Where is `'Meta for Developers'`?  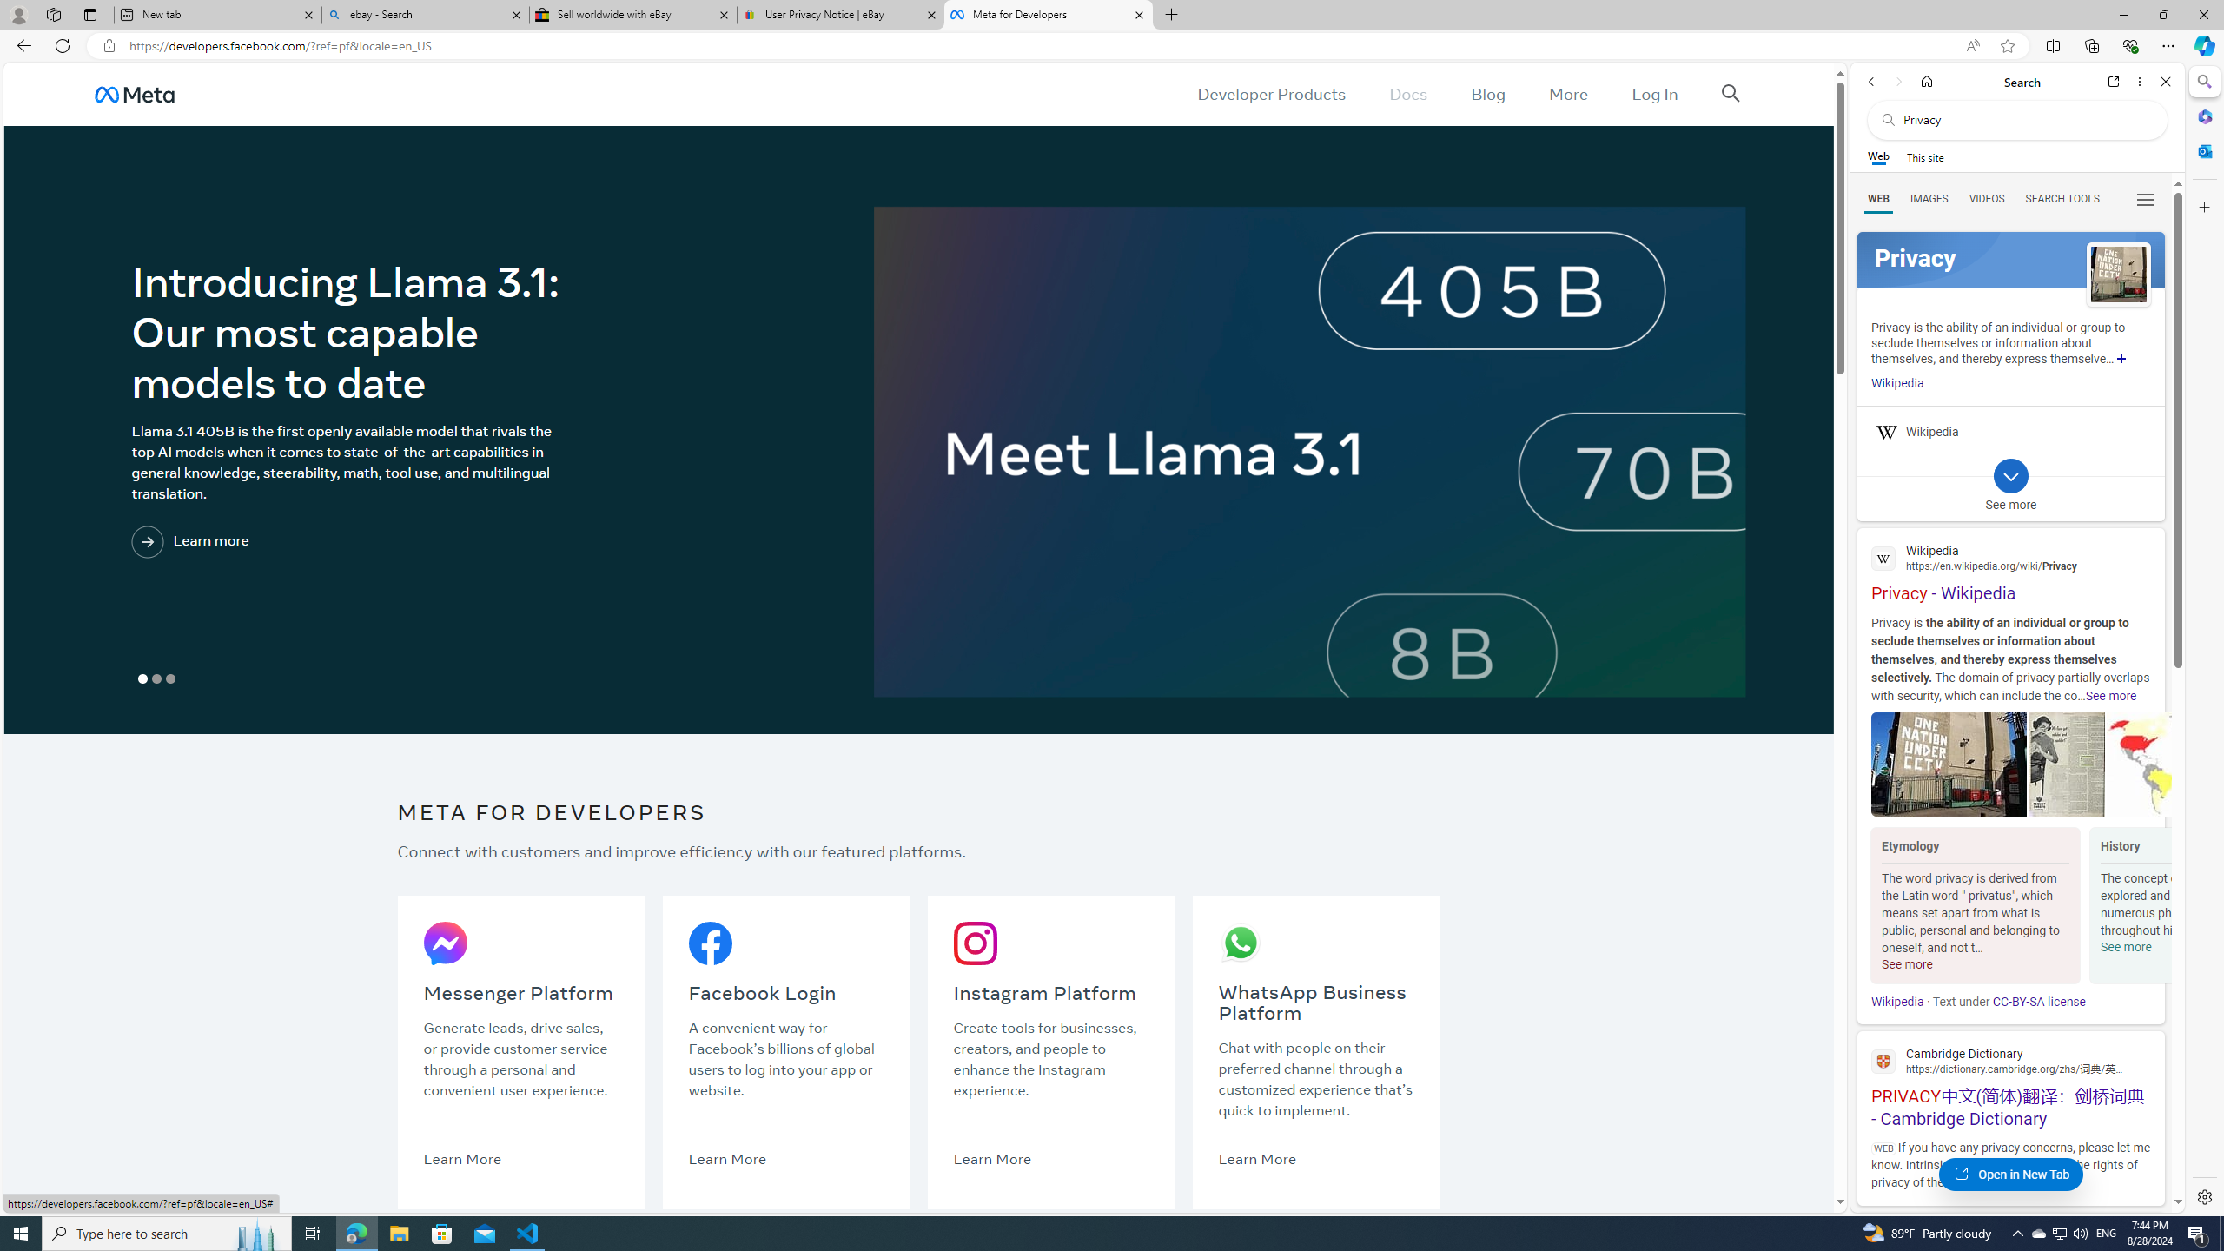 'Meta for Developers' is located at coordinates (1046, 14).